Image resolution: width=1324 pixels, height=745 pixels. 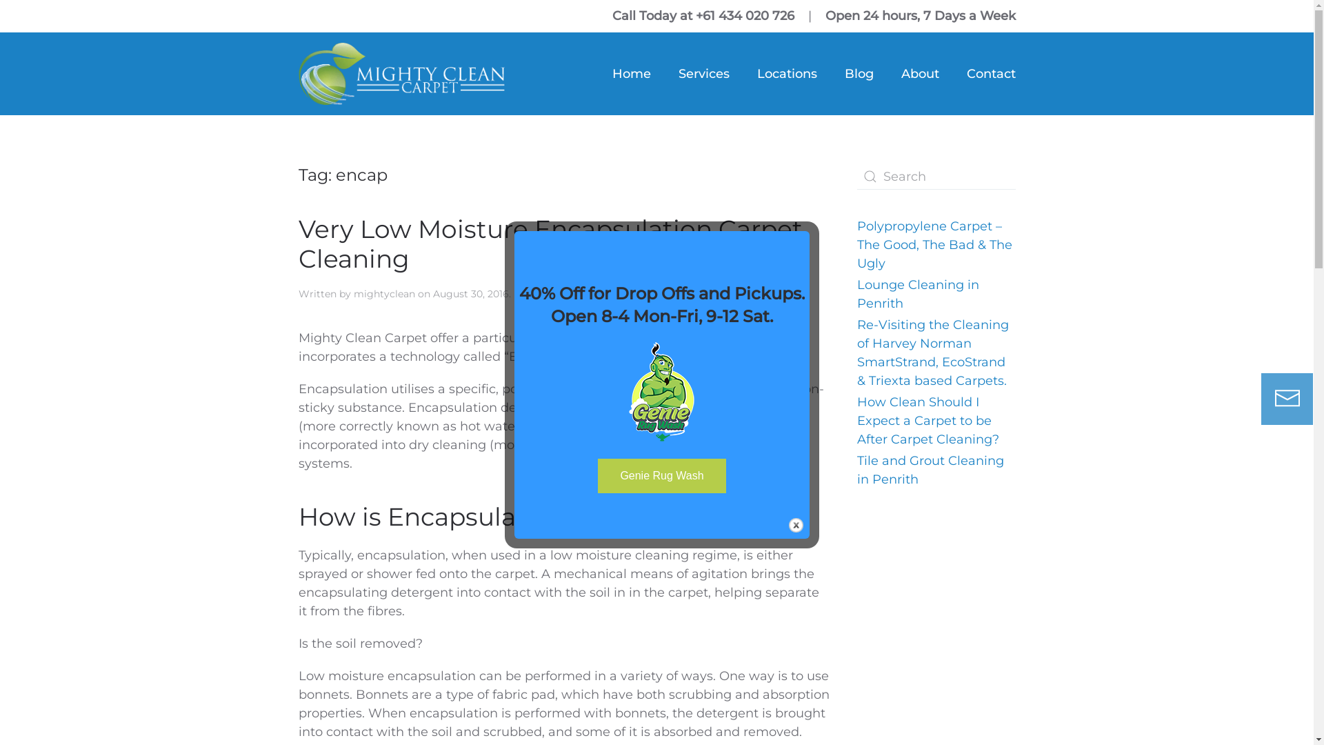 What do you see at coordinates (930, 469) in the screenshot?
I see `'Tile and Grout Cleaning in Penrith'` at bounding box center [930, 469].